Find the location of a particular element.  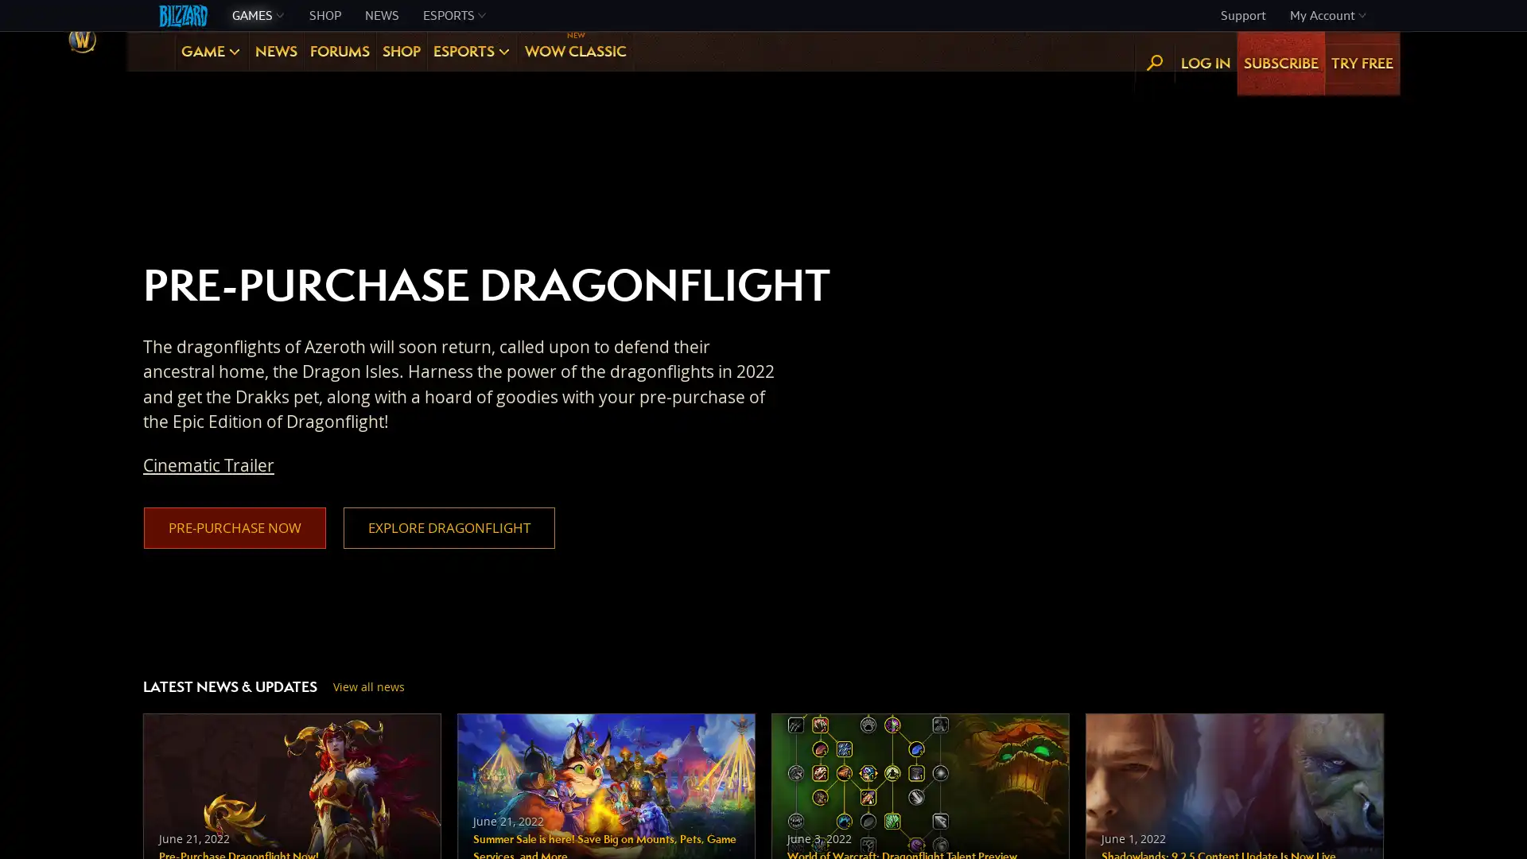

Cinematic Trailer is located at coordinates (208, 464).